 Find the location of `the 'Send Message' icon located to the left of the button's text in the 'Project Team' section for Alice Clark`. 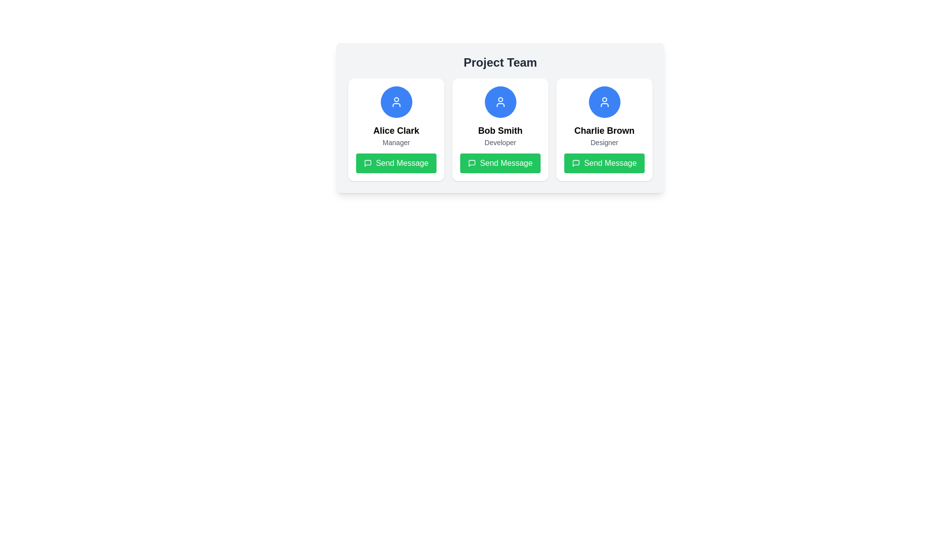

the 'Send Message' icon located to the left of the button's text in the 'Project Team' section for Alice Clark is located at coordinates (367, 163).